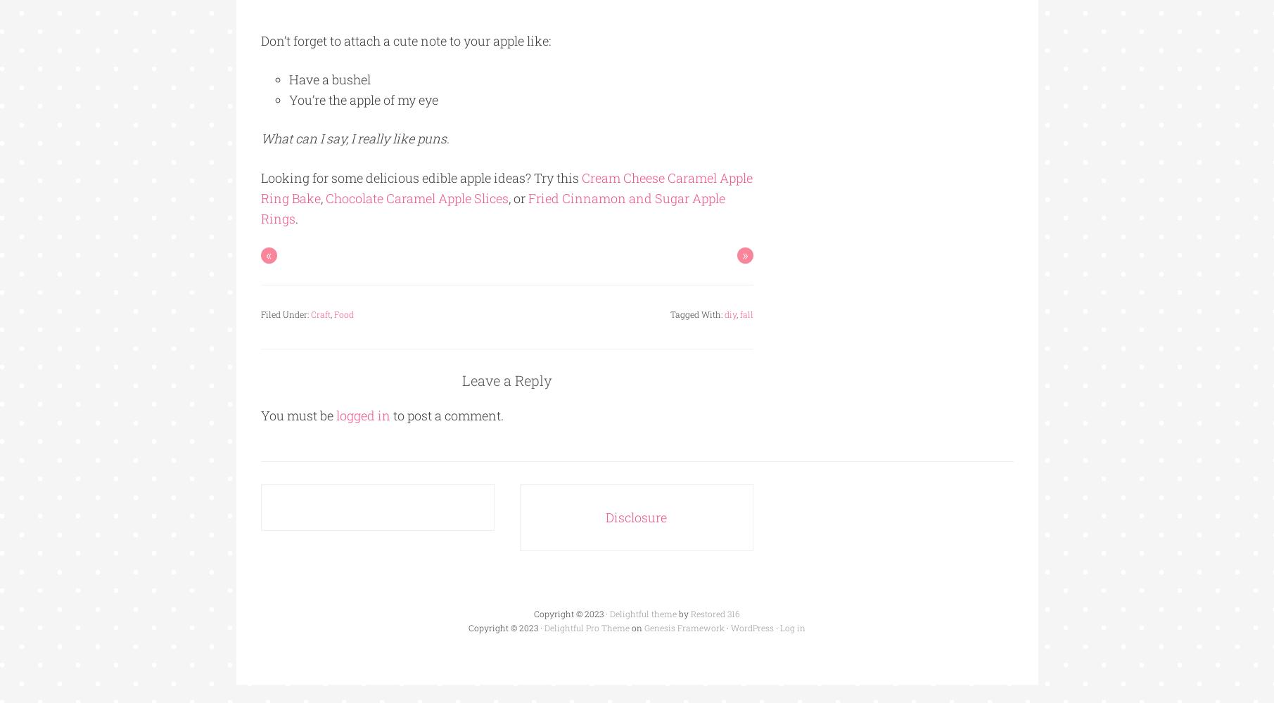  What do you see at coordinates (676, 613) in the screenshot?
I see `'by'` at bounding box center [676, 613].